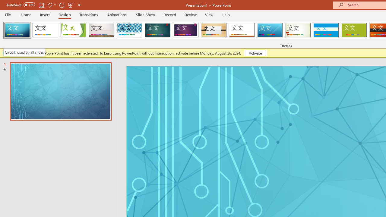  What do you see at coordinates (269, 30) in the screenshot?
I see `'Slice'` at bounding box center [269, 30].